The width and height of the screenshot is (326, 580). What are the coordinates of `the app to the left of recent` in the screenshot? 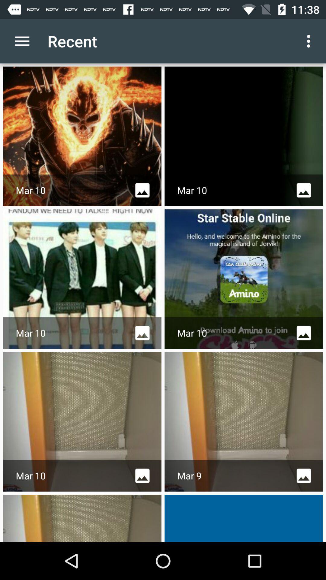 It's located at (22, 41).